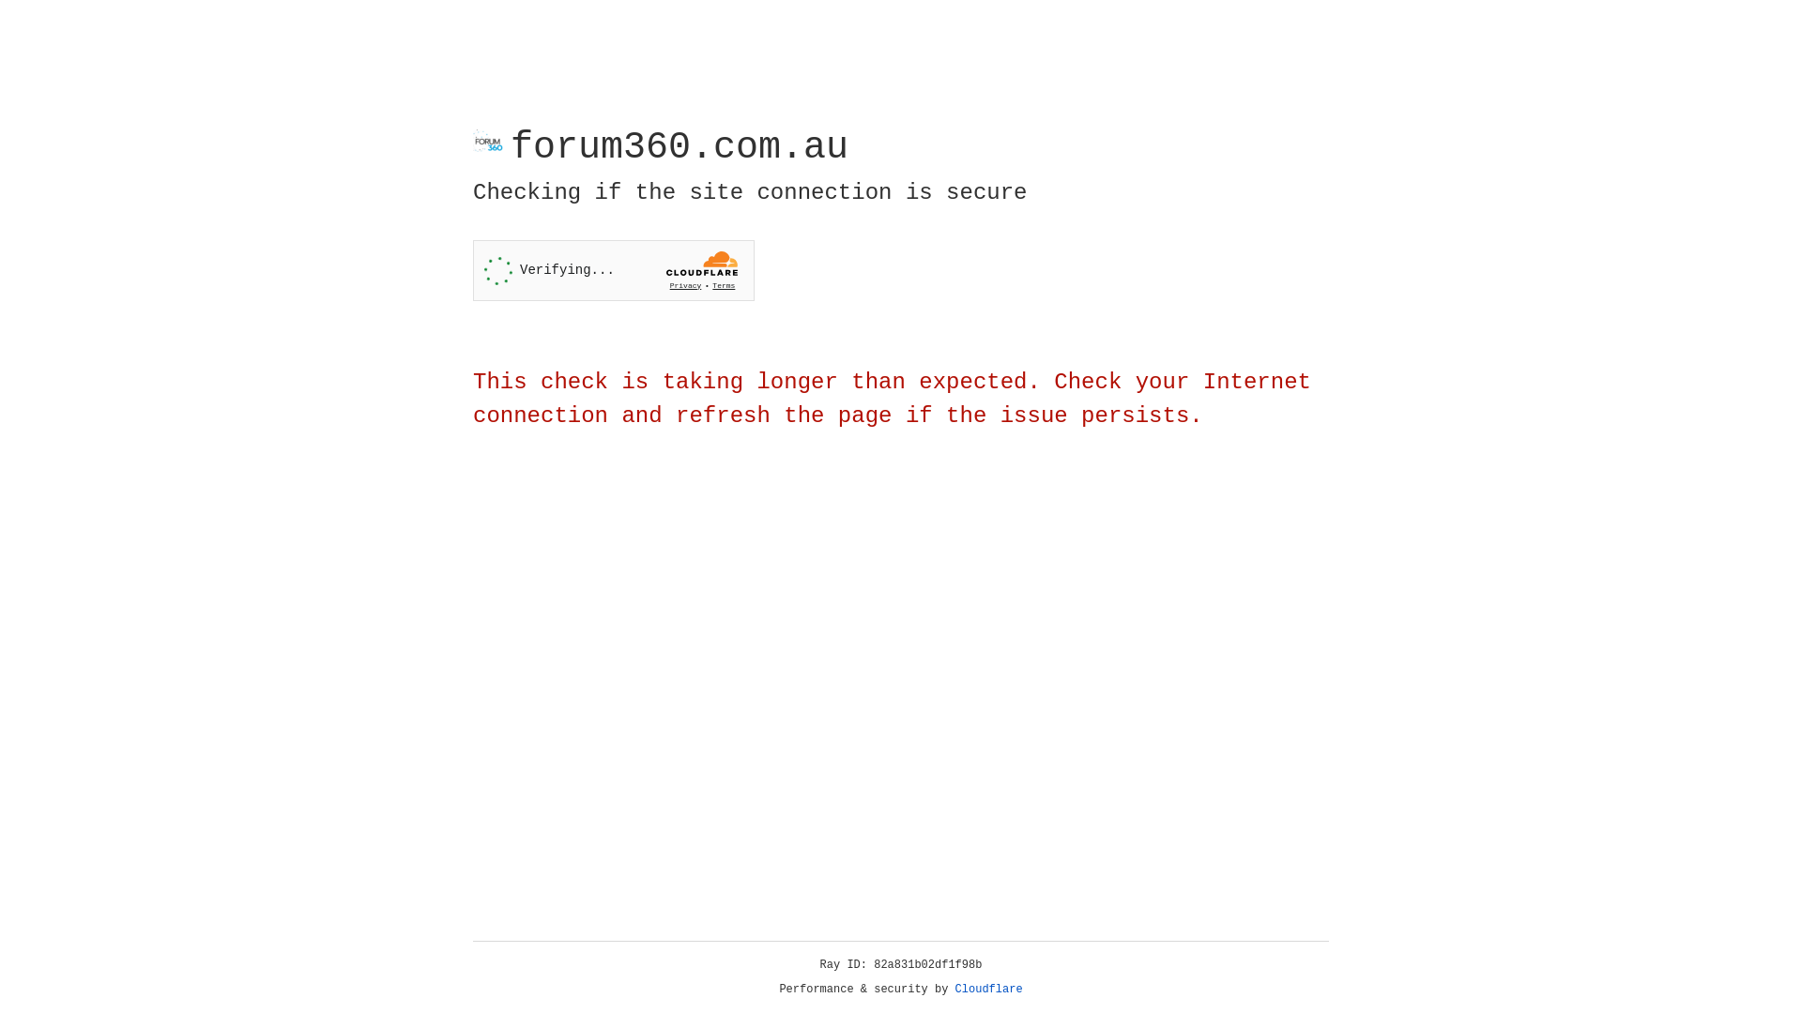 The height and width of the screenshot is (1013, 1802). What do you see at coordinates (613, 270) in the screenshot?
I see `'Widget containing a Cloudflare security challenge'` at bounding box center [613, 270].